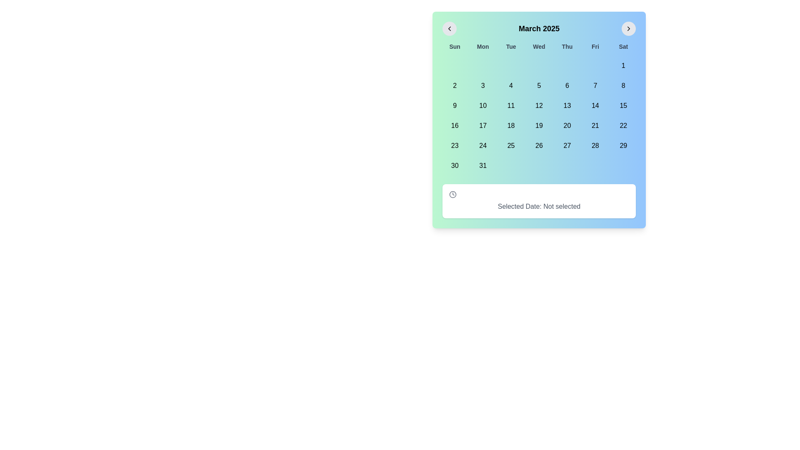 The width and height of the screenshot is (800, 450). I want to click on the left-facing chevron icon button in the header section of the calendar interface, so click(449, 28).